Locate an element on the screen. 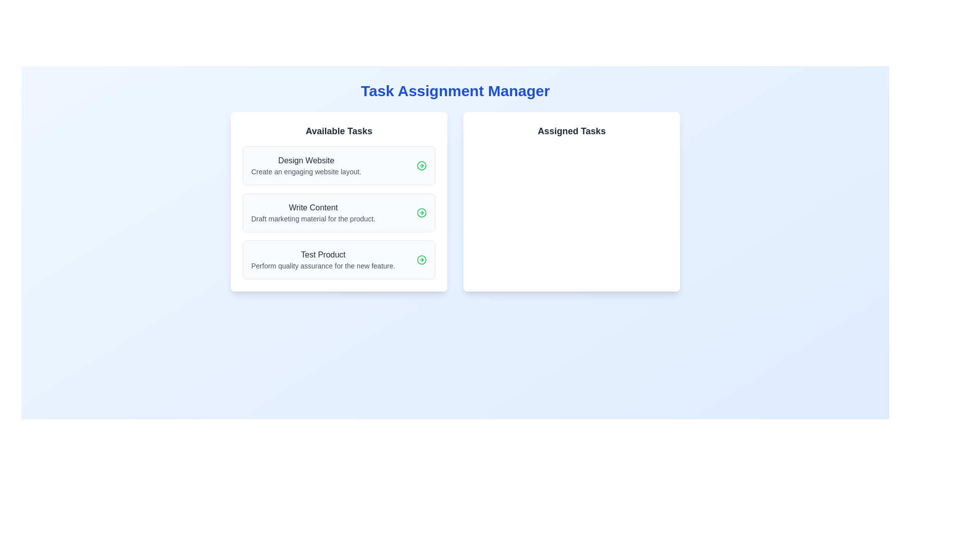 The image size is (963, 541). the Text label providing additional details for the task named 'Test Product', located below the bold text in the task card is located at coordinates (323, 265).